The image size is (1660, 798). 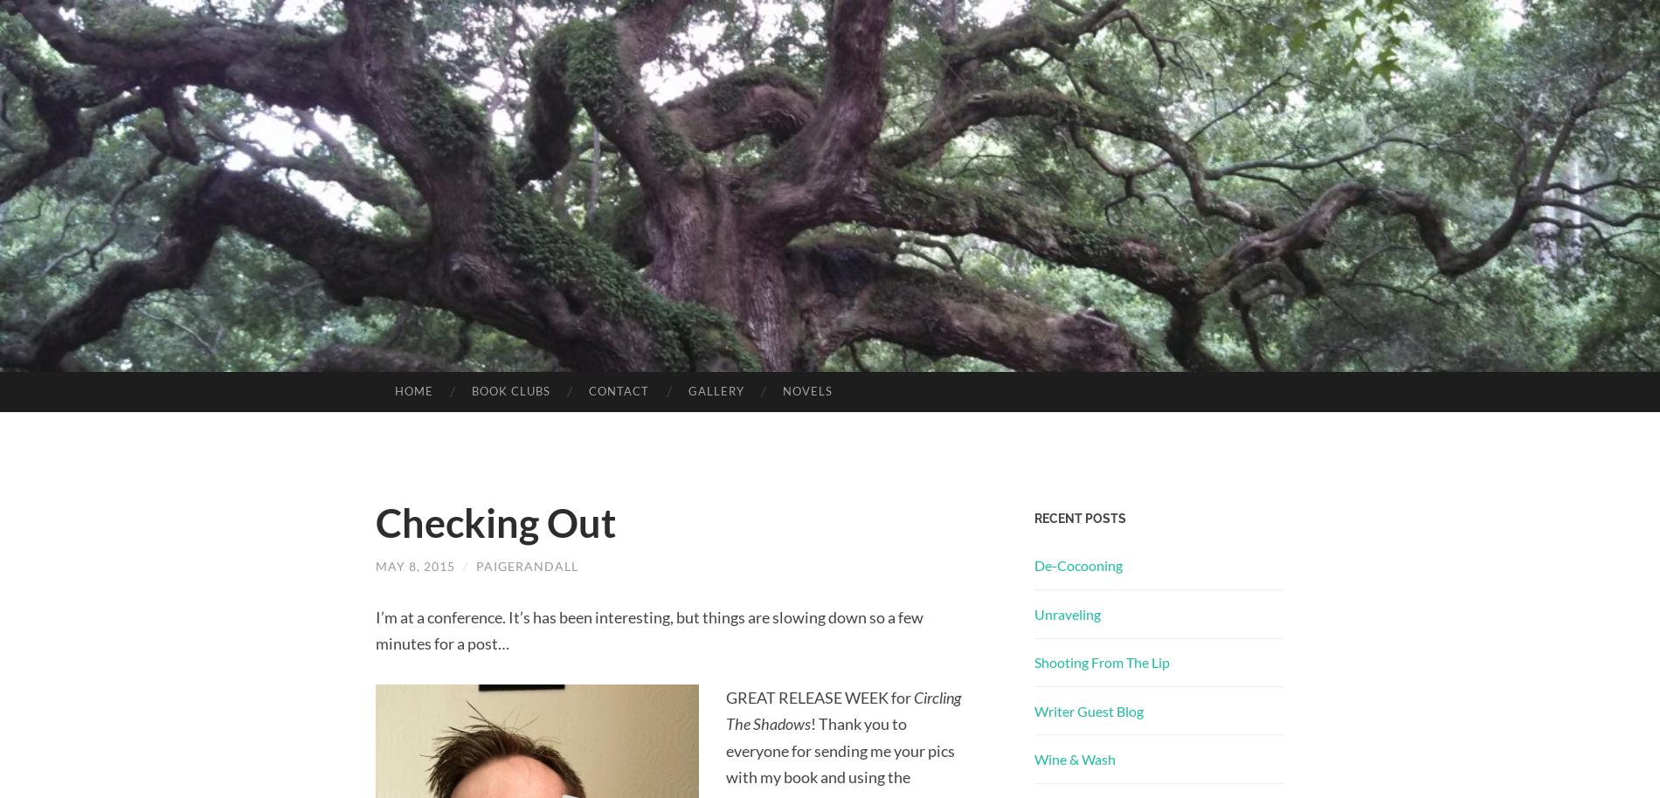 What do you see at coordinates (818, 696) in the screenshot?
I see `'GREAT RELEASE WEEK for'` at bounding box center [818, 696].